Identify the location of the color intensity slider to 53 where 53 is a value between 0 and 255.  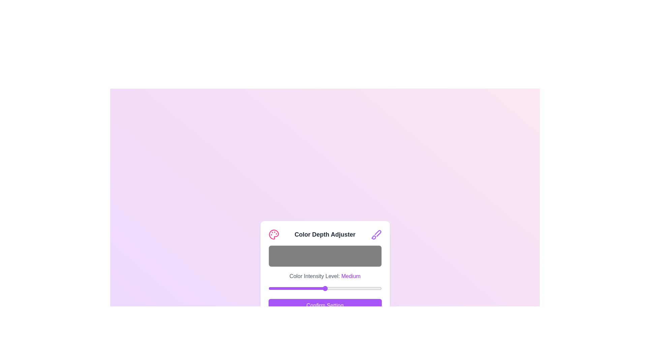
(292, 288).